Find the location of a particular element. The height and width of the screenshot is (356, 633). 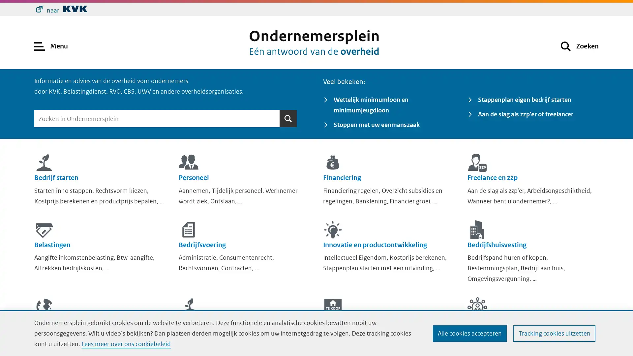

Zoeken Zoeken is located at coordinates (288, 122).